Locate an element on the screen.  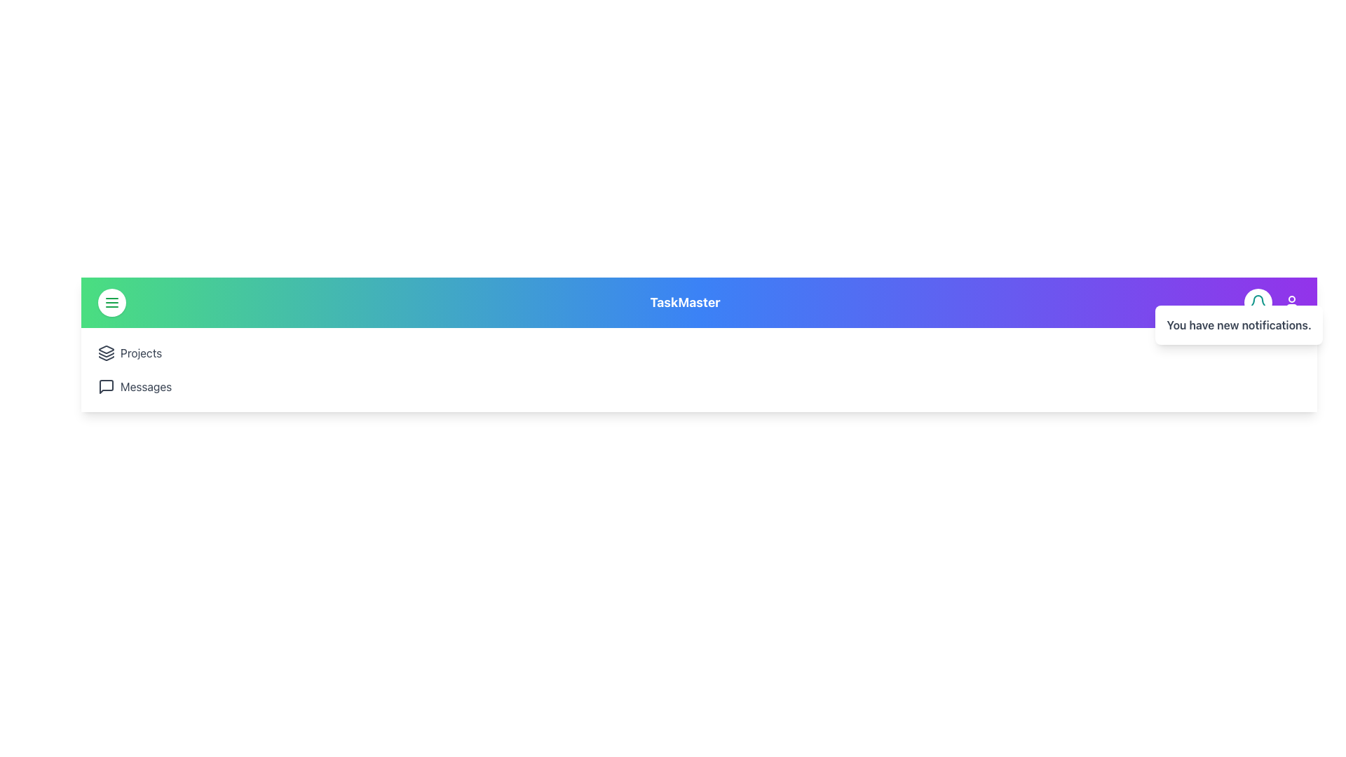
the middle layer icon in the sidebar, which is part of a three-layered decorative icon adjacent to the menu icon is located at coordinates (106, 354).